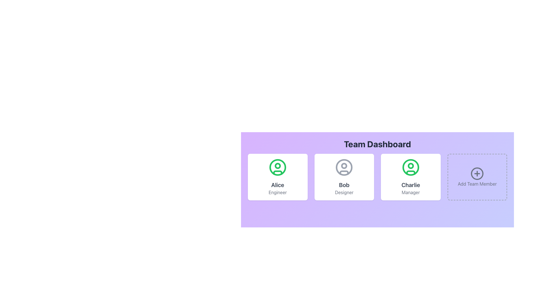  I want to click on the user profile icon representing Charlie, located in the upper central area of the card titled 'Charlie Manager', which is the third card from the left in the team dashboard layout, so click(411, 167).